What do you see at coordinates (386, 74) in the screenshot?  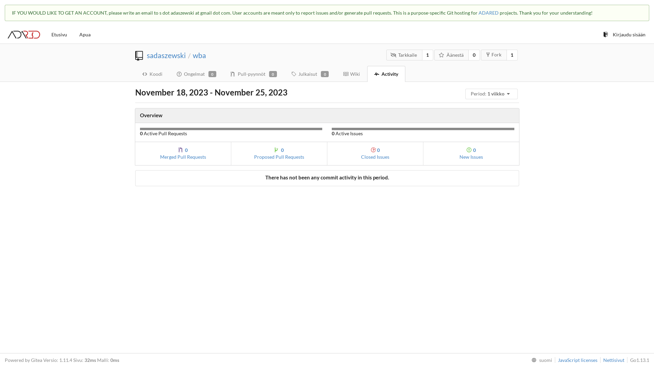 I see `'Activity'` at bounding box center [386, 74].